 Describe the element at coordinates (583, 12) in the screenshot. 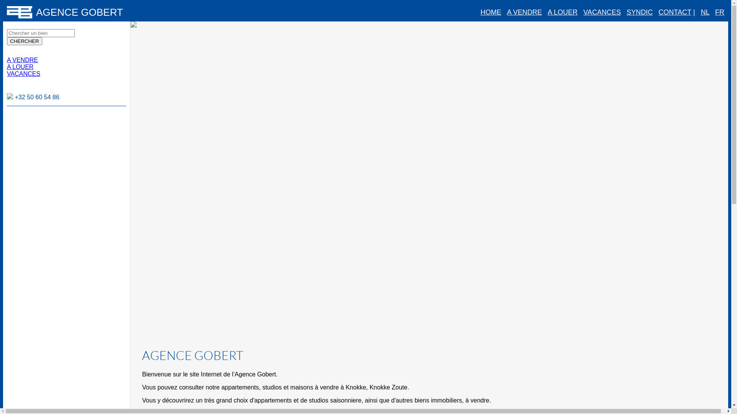

I see `'VACANCES'` at that location.